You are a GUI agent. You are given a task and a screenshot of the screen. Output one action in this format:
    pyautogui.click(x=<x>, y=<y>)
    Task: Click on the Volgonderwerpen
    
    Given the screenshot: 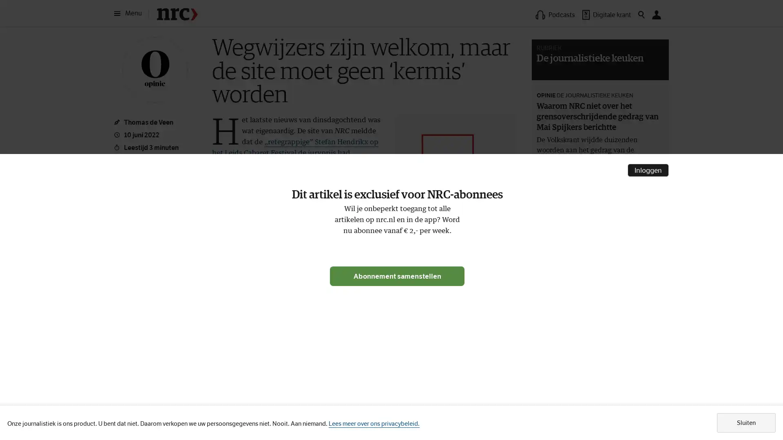 What is the action you would take?
    pyautogui.click(x=402, y=289)
    